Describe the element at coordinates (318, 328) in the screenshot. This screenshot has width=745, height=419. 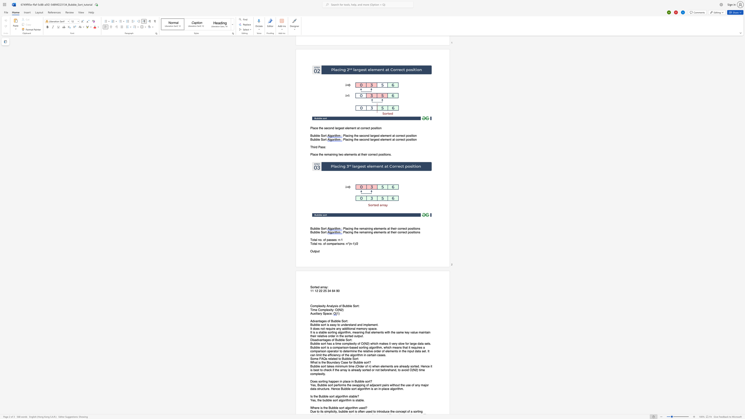
I see `the space between the continuous character "e" and "s" in the text` at that location.